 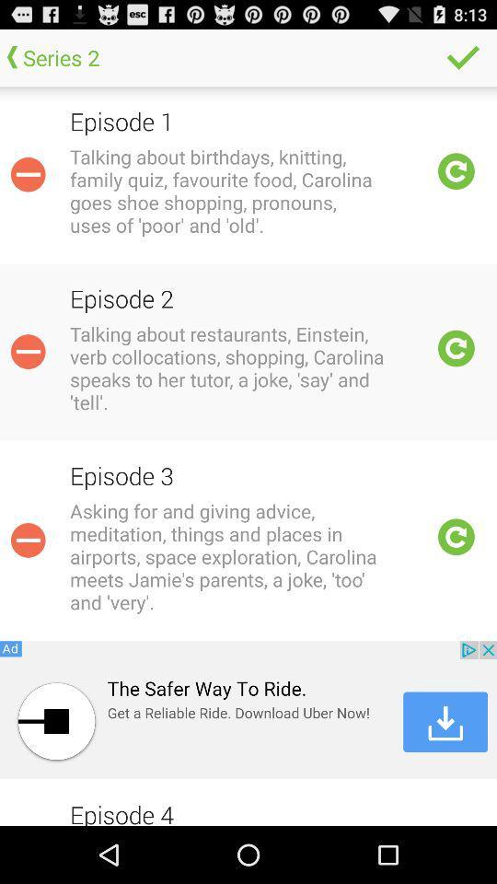 What do you see at coordinates (248, 709) in the screenshot?
I see `click on advertisement` at bounding box center [248, 709].